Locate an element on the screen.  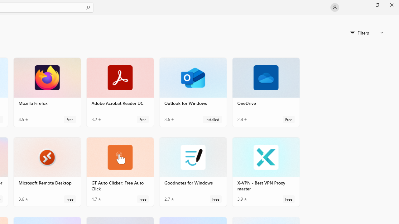
'Close Microsoft Store' is located at coordinates (391, 5).